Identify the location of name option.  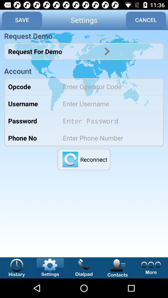
(109, 104).